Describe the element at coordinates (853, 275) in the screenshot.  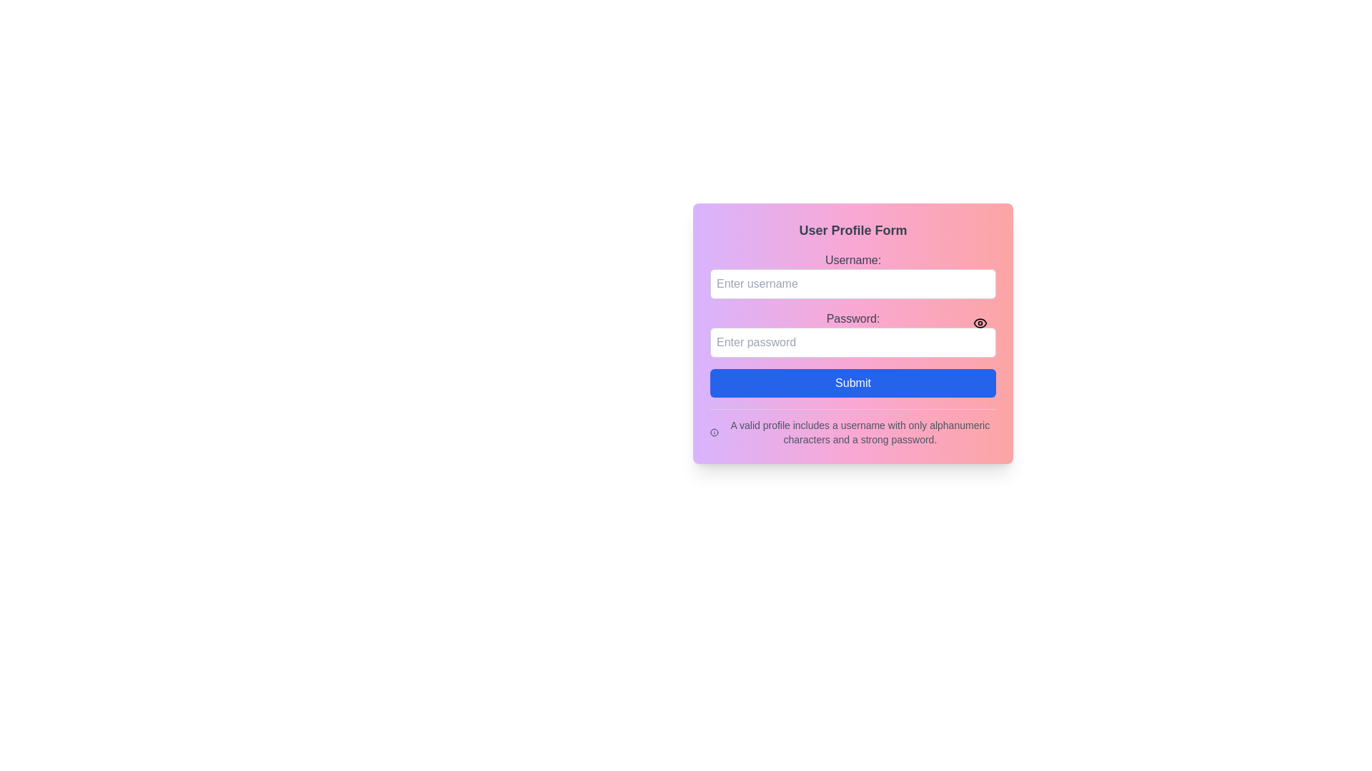
I see `label element displaying 'Username:' which is centrally aligned above the username input field in the form layout` at that location.